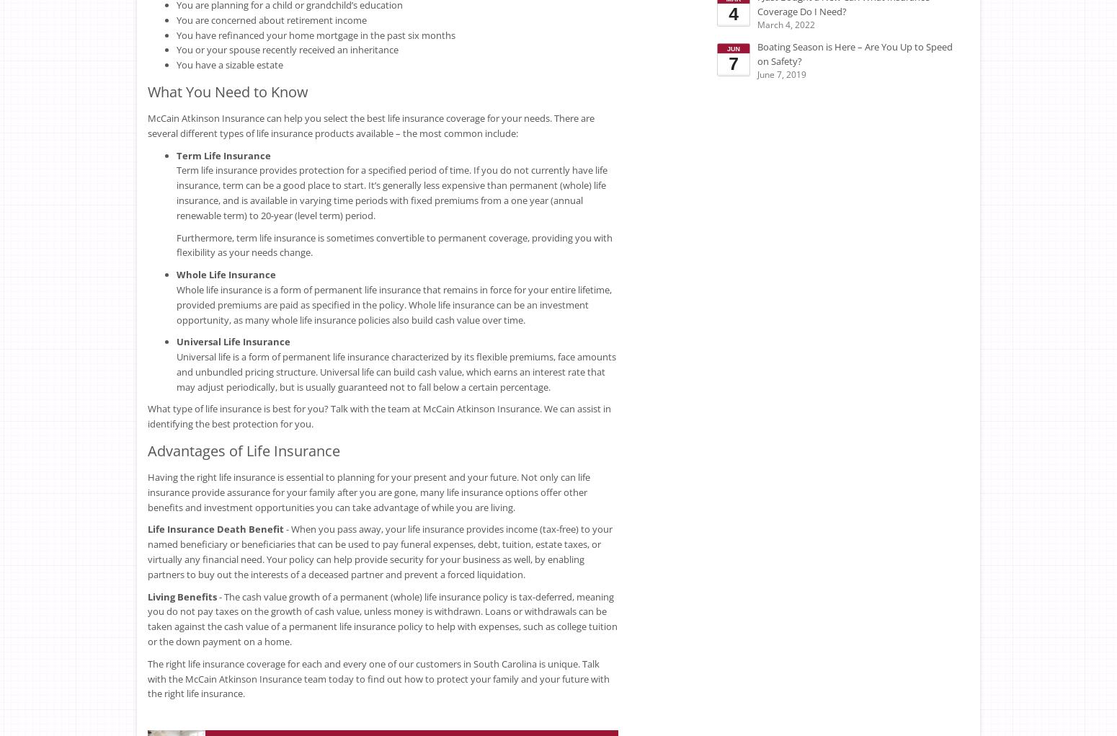 This screenshot has height=736, width=1117. I want to click on 'You are concerned about retirement income', so click(270, 18).